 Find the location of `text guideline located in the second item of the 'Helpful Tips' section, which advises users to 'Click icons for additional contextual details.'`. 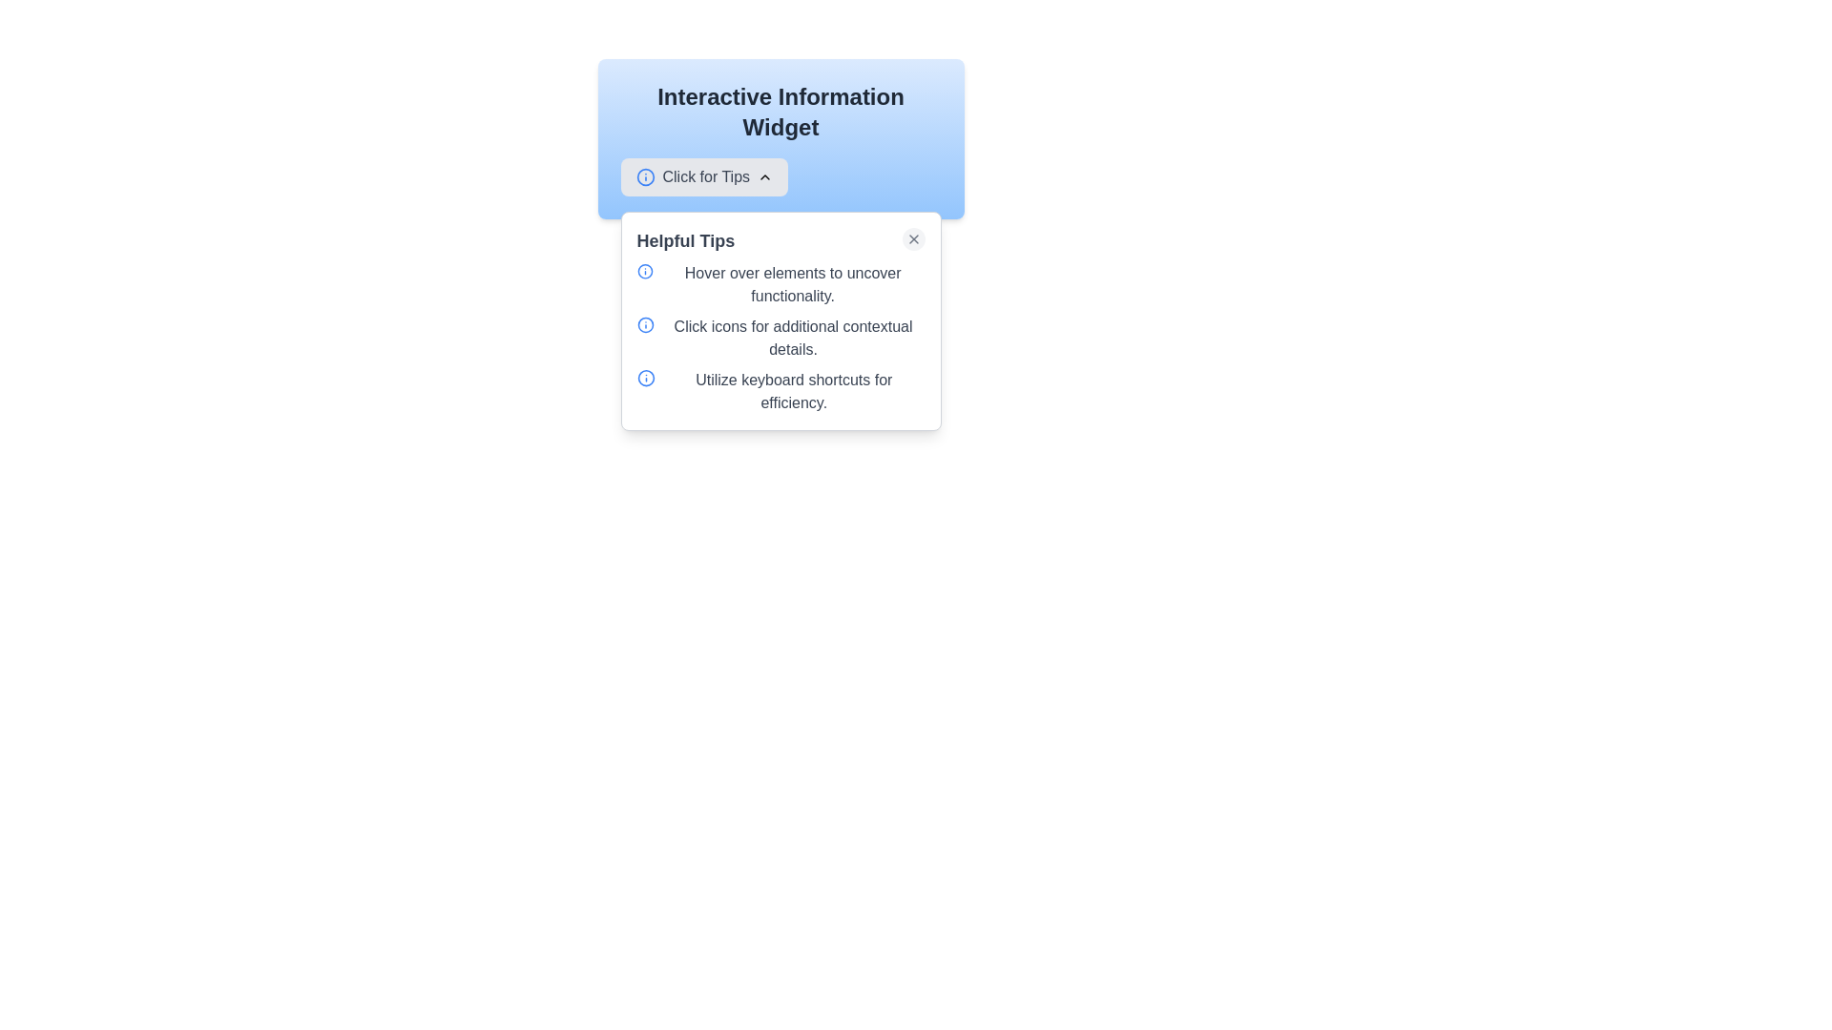

text guideline located in the second item of the 'Helpful Tips' section, which advises users to 'Click icons for additional contextual details.' is located at coordinates (781, 337).